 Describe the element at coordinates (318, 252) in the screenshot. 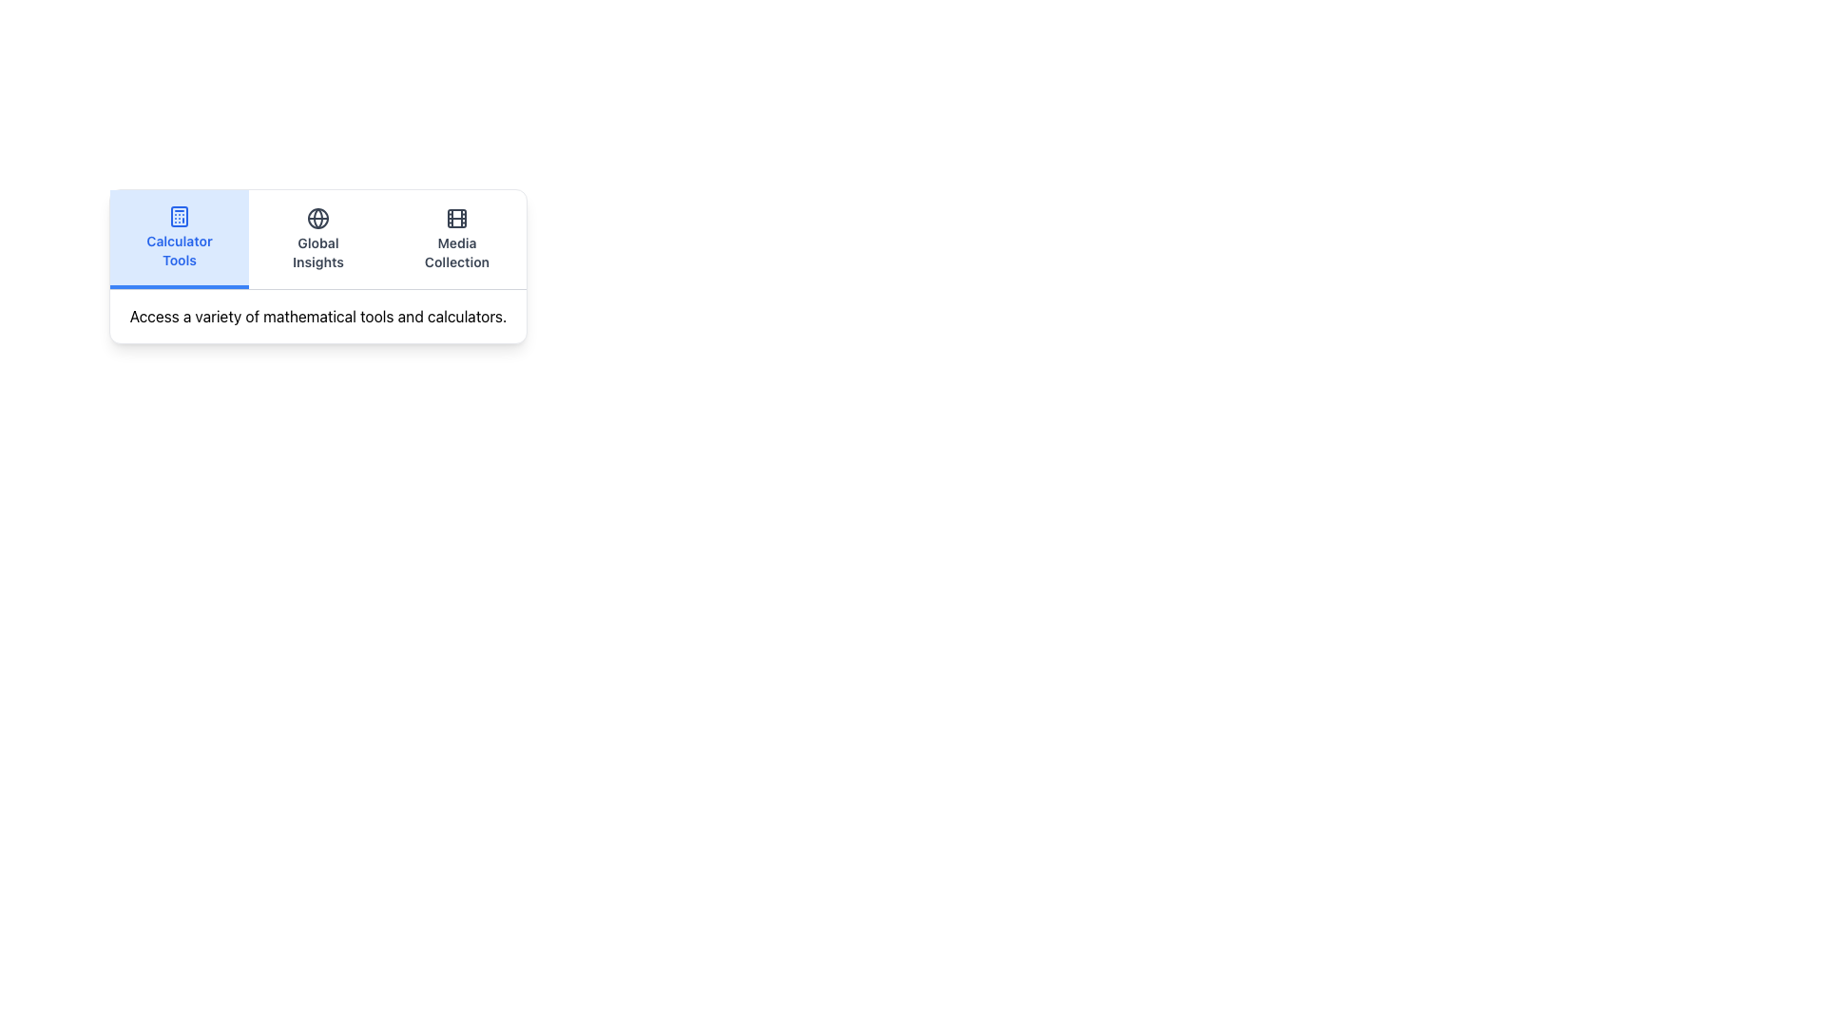

I see `assistive technology` at that location.